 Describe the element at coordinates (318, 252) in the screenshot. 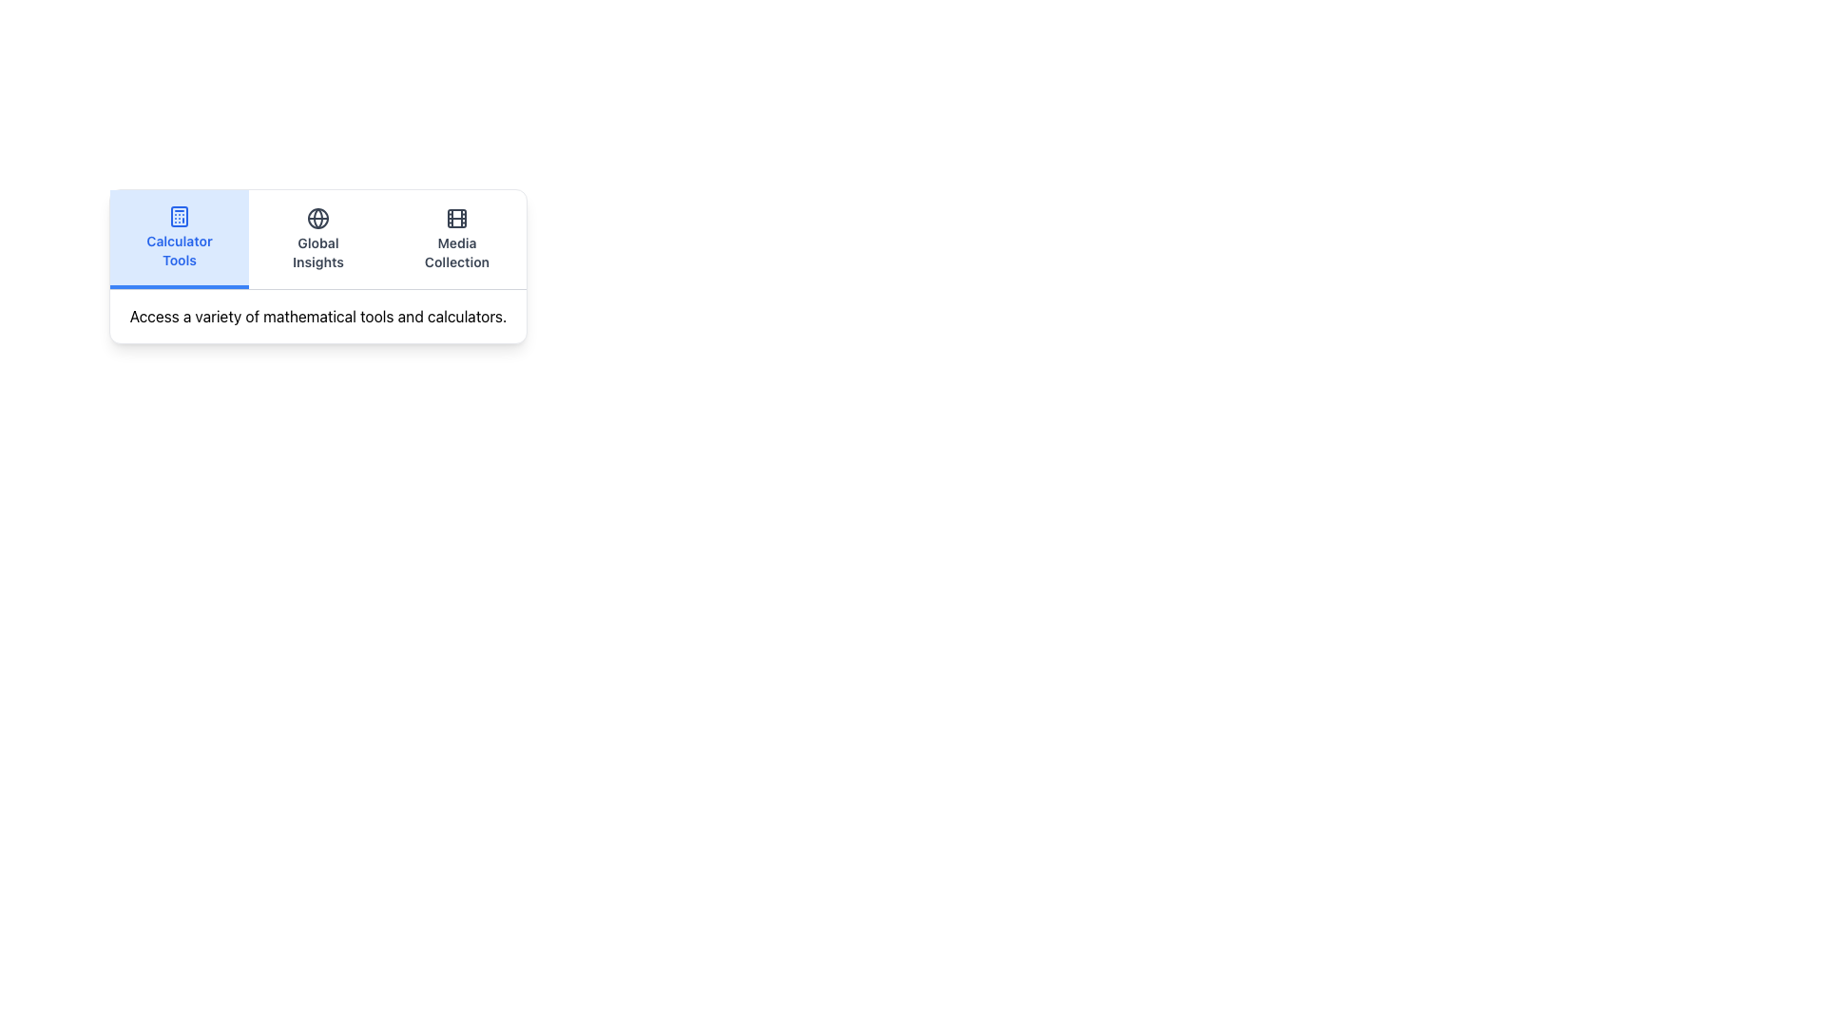

I see `assistive technology` at that location.